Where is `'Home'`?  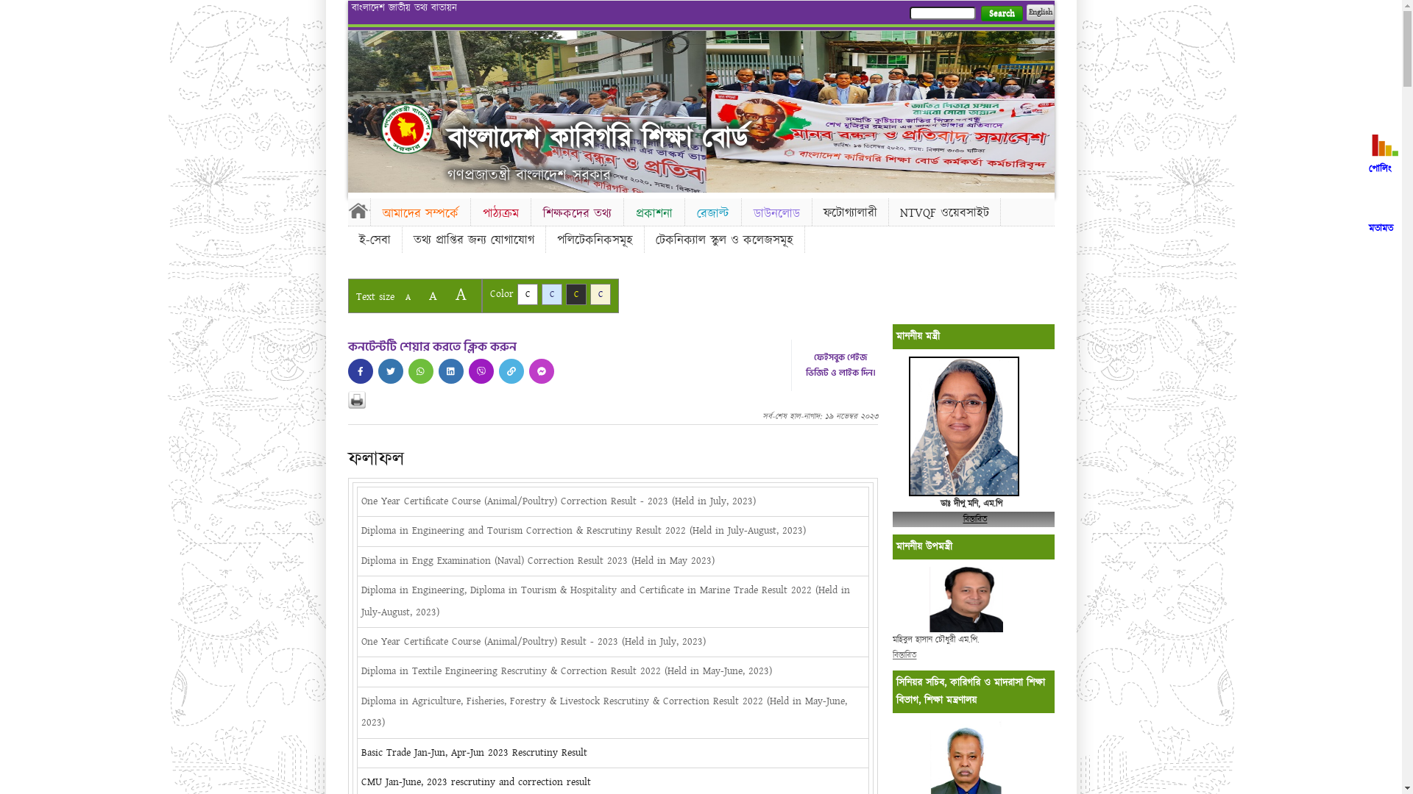
'Home' is located at coordinates (358, 210).